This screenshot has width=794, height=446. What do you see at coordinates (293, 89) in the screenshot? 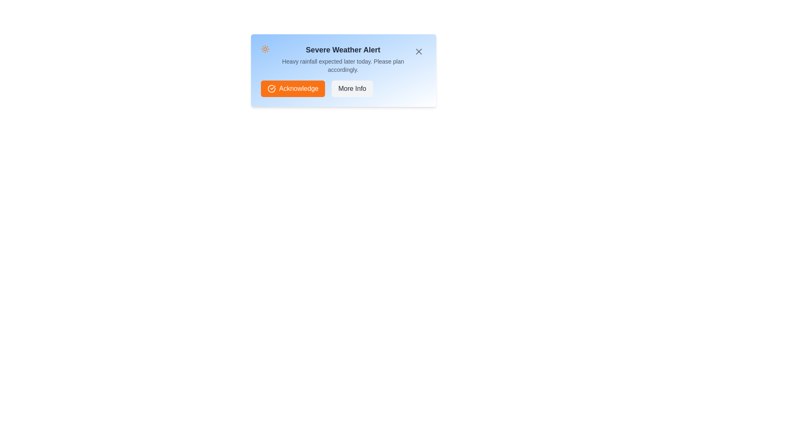
I see `'Acknowledge' button to acknowledge the alert` at bounding box center [293, 89].